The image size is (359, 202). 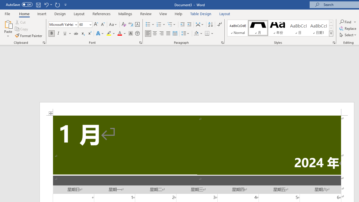 What do you see at coordinates (43, 42) in the screenshot?
I see `'Office Clipboard...'` at bounding box center [43, 42].